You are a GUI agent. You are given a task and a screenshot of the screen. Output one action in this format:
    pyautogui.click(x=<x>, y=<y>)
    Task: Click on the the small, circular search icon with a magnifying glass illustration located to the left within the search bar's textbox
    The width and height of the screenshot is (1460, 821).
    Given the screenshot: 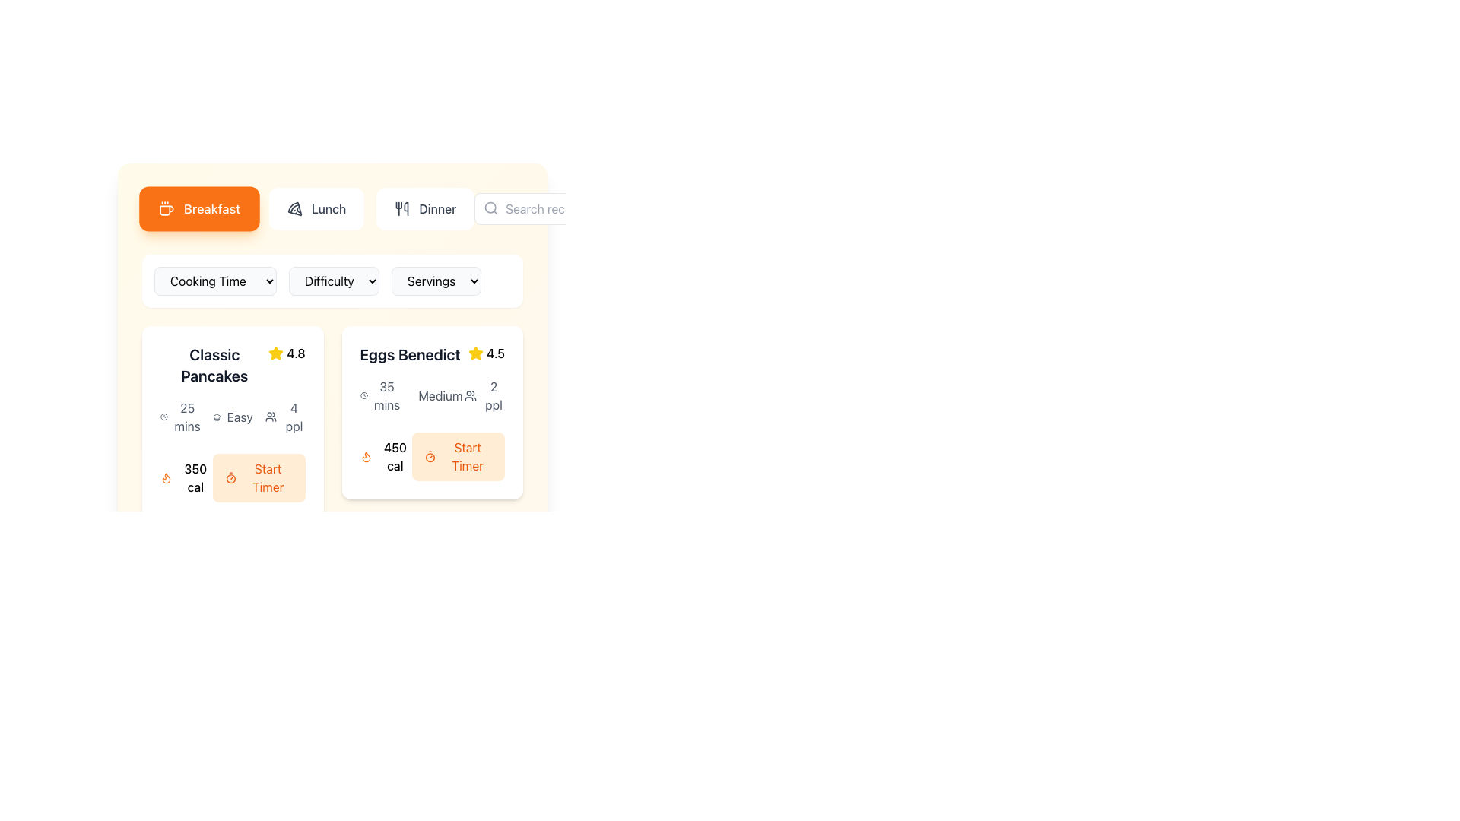 What is the action you would take?
    pyautogui.click(x=491, y=208)
    